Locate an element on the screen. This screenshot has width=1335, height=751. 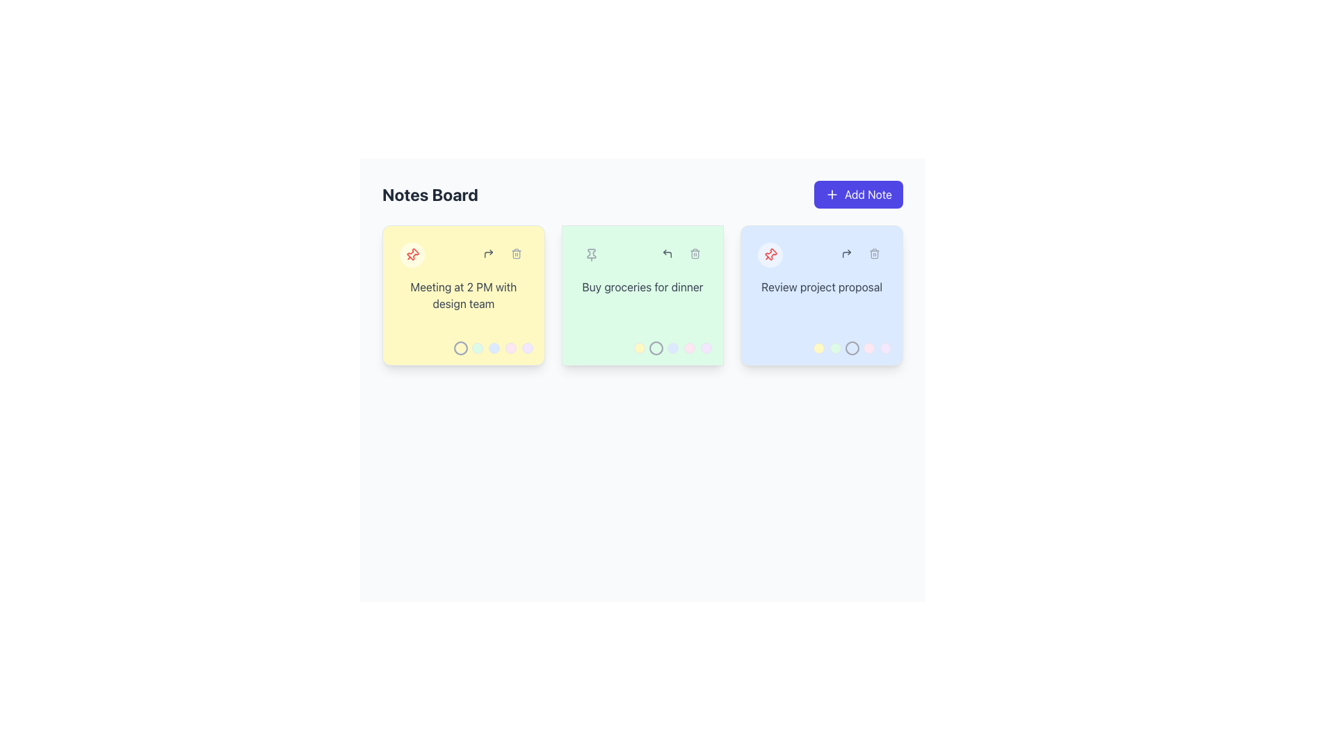
the trash can icon button located in the top right corner of the yellow card titled 'Meeting at 2 PM with design team' is located at coordinates (515, 254).